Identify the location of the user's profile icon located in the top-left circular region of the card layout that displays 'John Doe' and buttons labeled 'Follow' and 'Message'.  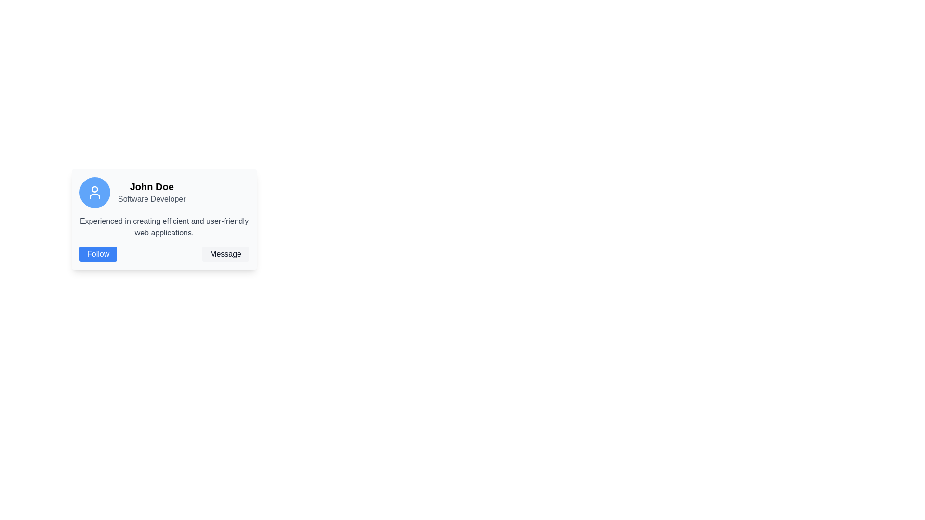
(94, 193).